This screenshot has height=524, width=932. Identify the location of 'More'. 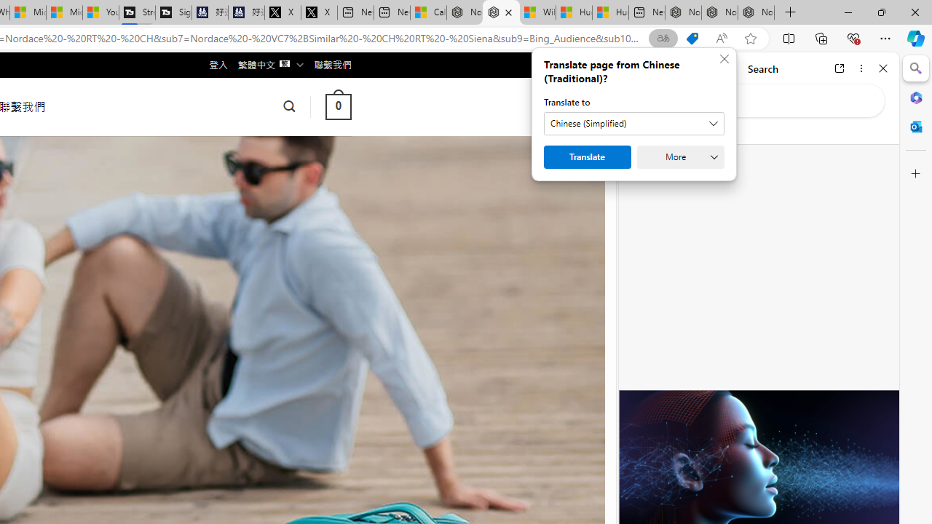
(680, 157).